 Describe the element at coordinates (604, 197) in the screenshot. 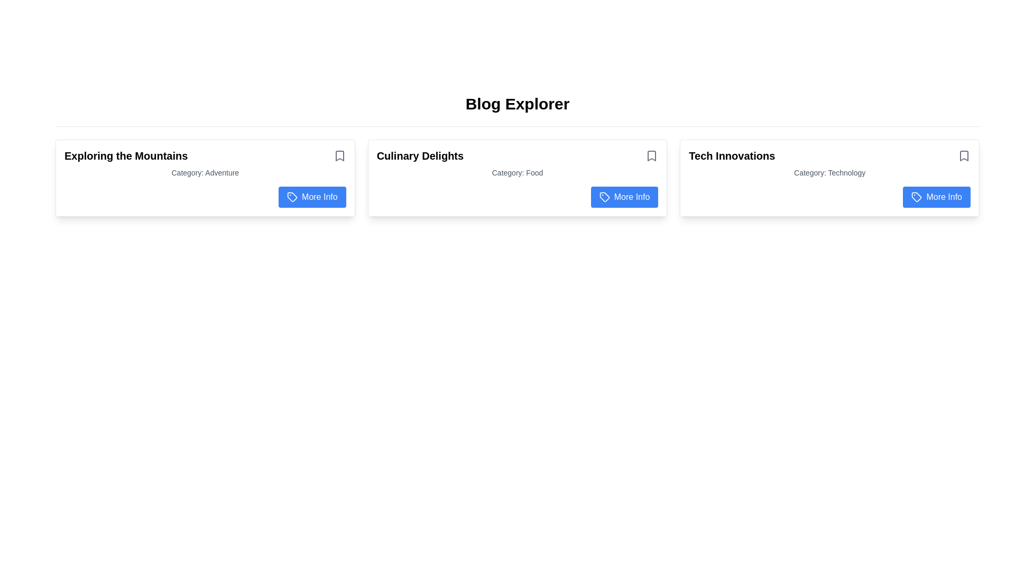

I see `the tag icon before the 'More Info' text in the second card labeled 'Culinary Delights'` at that location.